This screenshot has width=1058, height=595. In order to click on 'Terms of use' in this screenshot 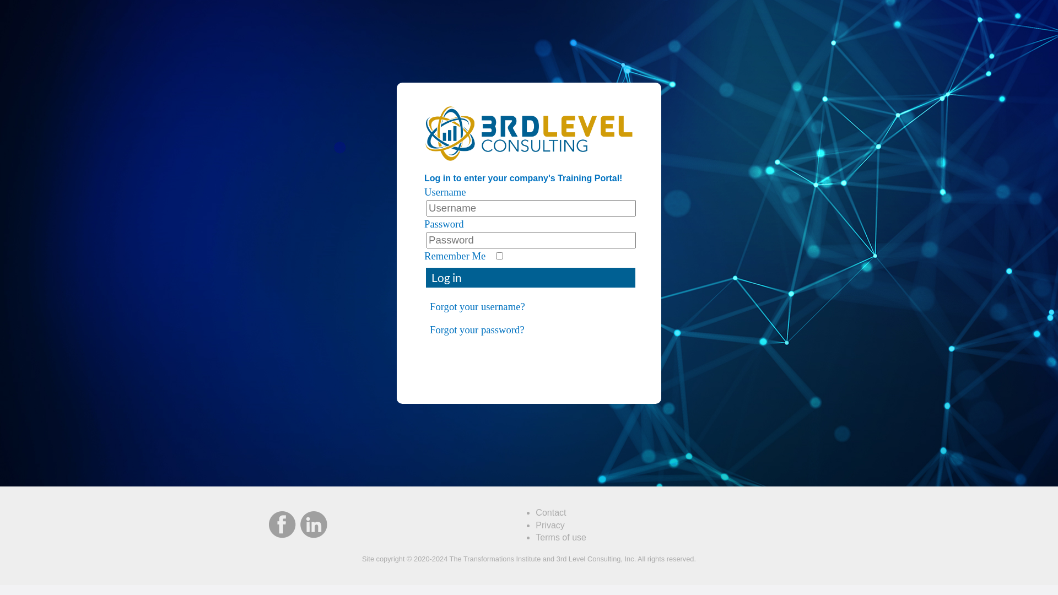, I will do `click(560, 537)`.